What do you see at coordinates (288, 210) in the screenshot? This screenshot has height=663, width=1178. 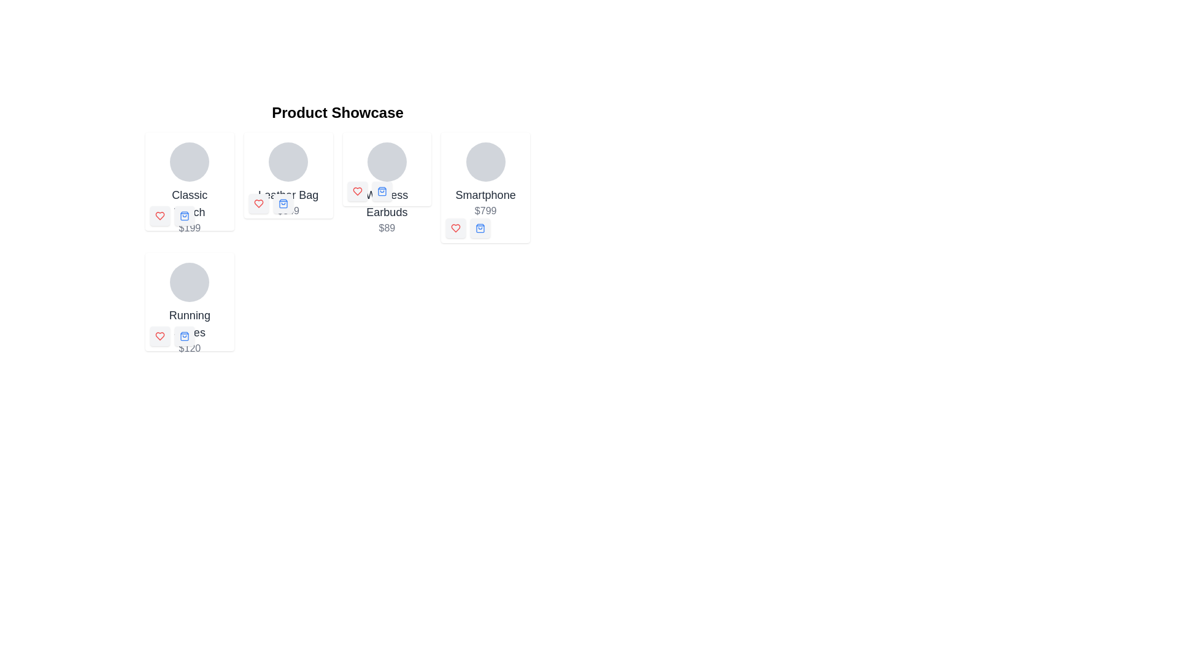 I see `the text label displaying the price '$349', which is styled in gray and positioned below the title 'Leather Bag' within the product card` at bounding box center [288, 210].